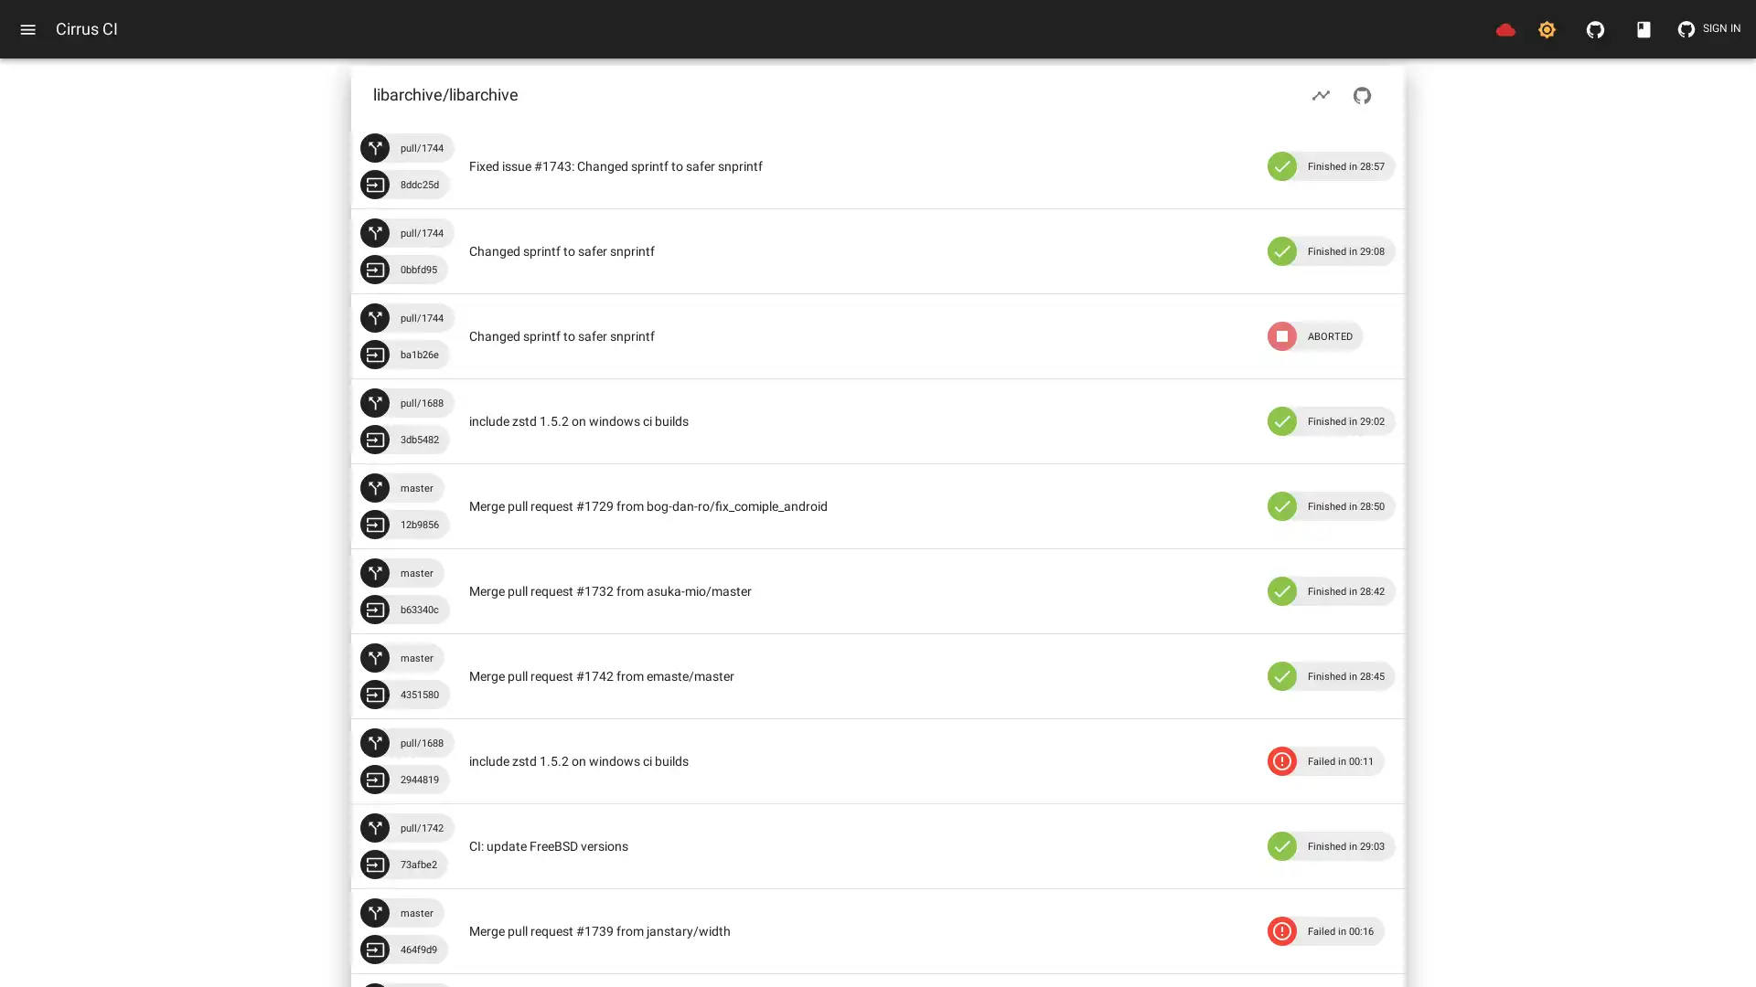 This screenshot has width=1756, height=987. Describe the element at coordinates (1321, 94) in the screenshot. I see `Repository Metrics` at that location.